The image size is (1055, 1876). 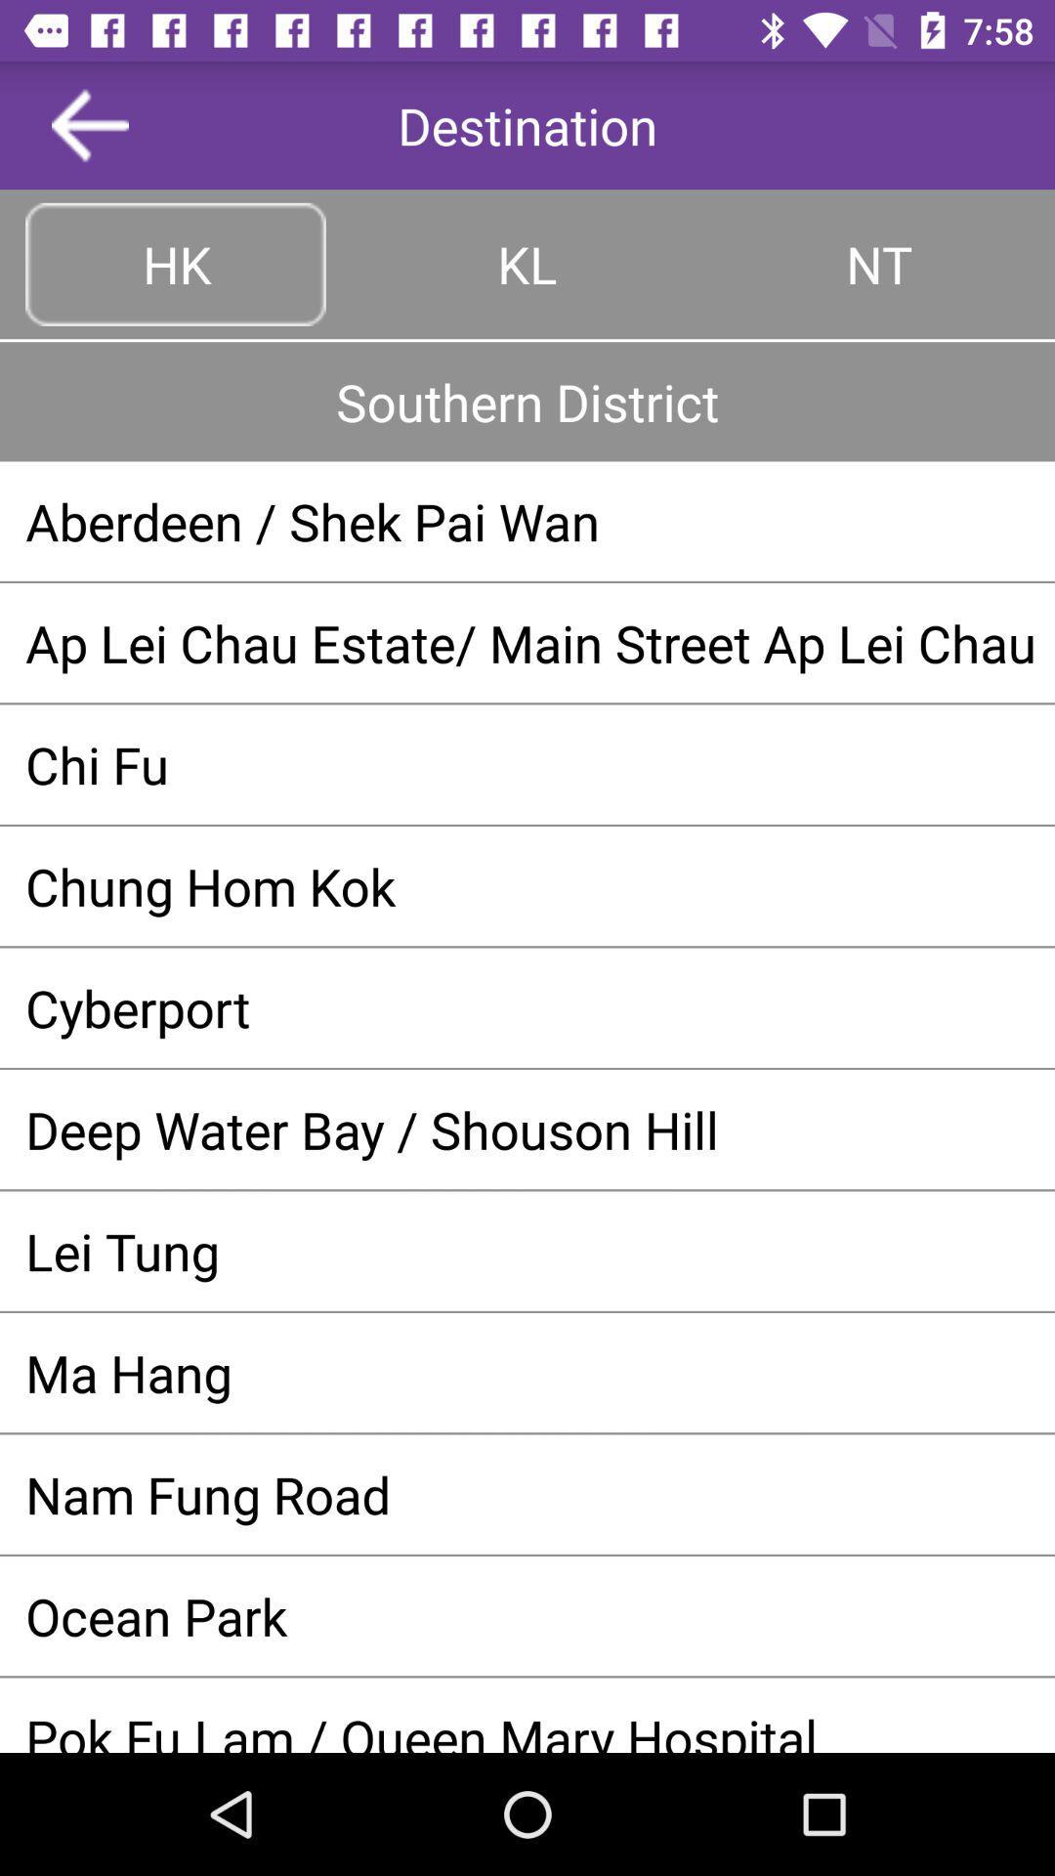 What do you see at coordinates (90, 124) in the screenshot?
I see `item to the left of the destination` at bounding box center [90, 124].